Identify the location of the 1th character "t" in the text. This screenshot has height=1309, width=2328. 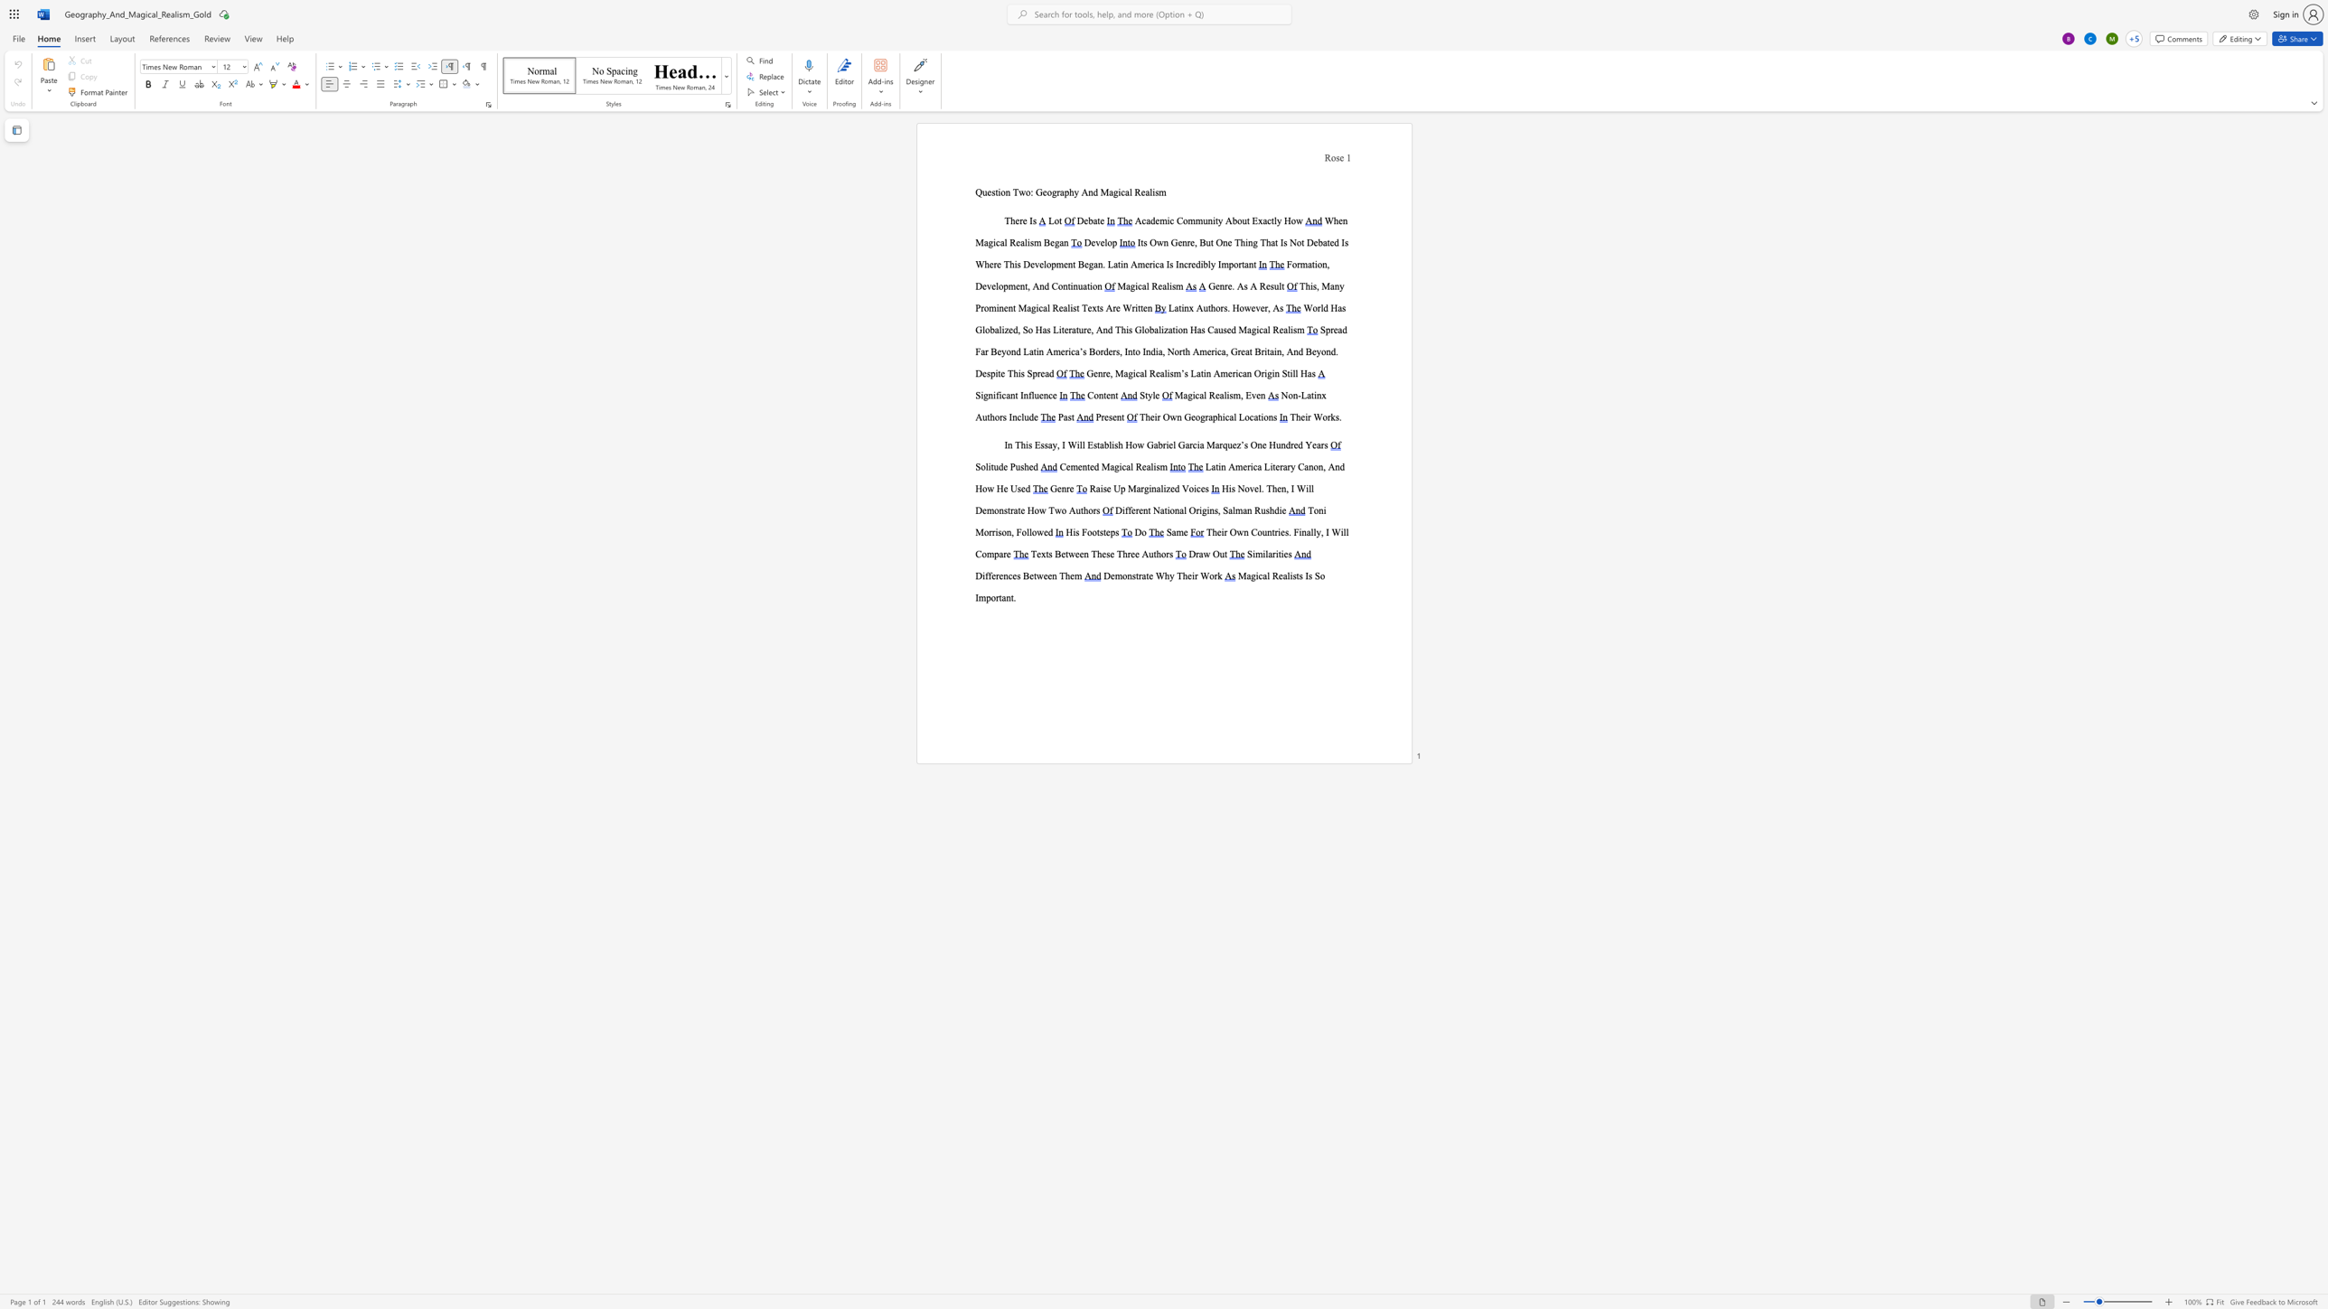
(1282, 285).